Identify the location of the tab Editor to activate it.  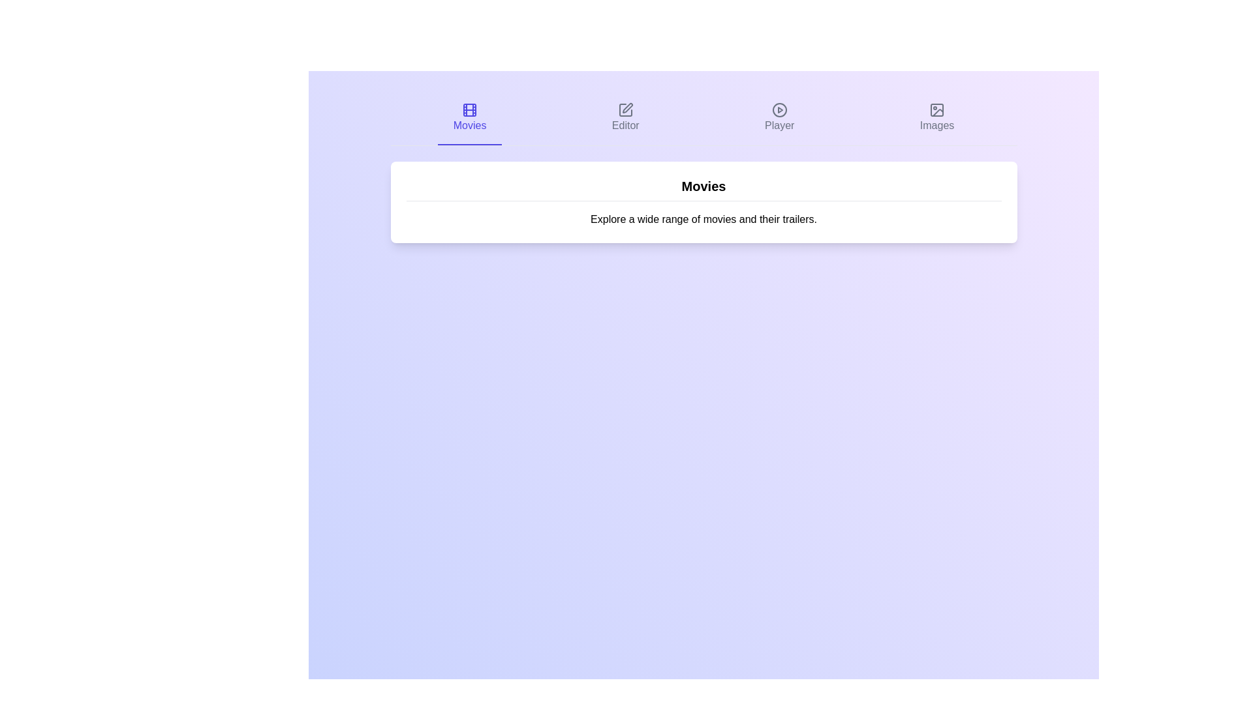
(625, 118).